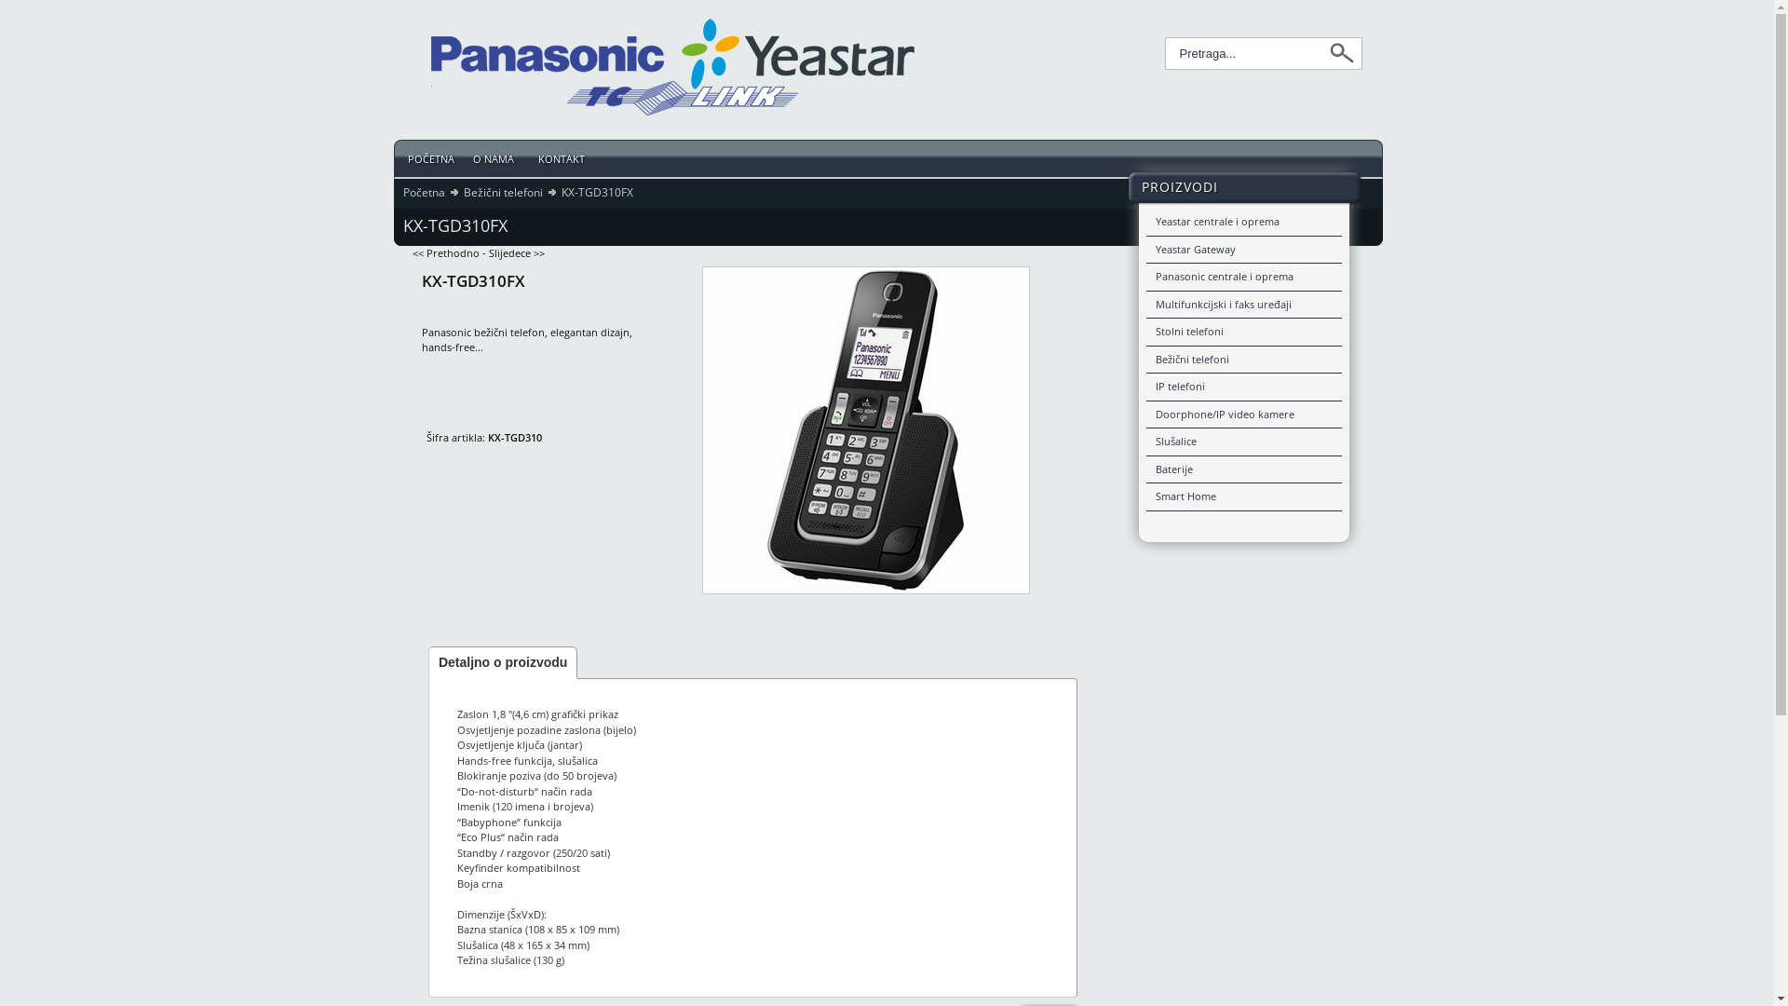  What do you see at coordinates (1242, 387) in the screenshot?
I see `'IP telefoni'` at bounding box center [1242, 387].